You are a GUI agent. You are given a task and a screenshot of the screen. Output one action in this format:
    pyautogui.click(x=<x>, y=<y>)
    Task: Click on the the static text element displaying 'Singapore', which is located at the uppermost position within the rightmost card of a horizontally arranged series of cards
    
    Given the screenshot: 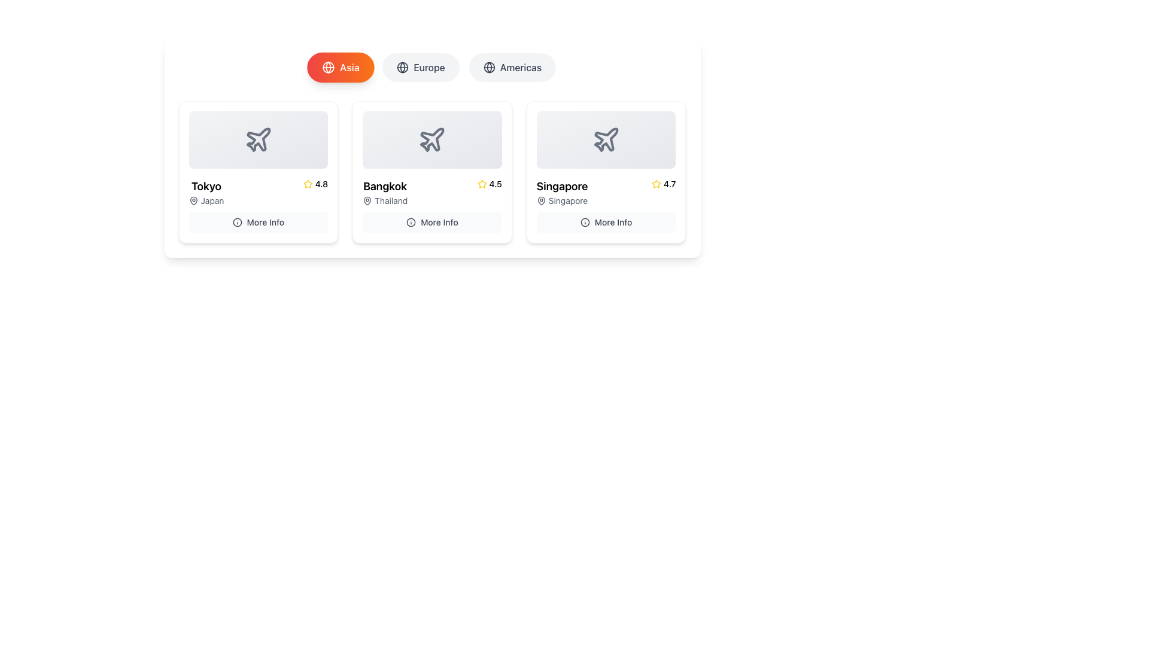 What is the action you would take?
    pyautogui.click(x=561, y=187)
    